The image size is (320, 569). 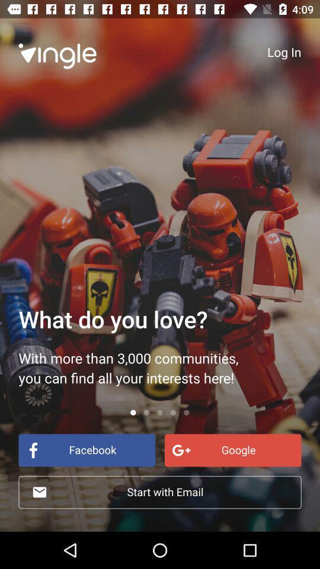 I want to click on facebook icon, so click(x=86, y=449).